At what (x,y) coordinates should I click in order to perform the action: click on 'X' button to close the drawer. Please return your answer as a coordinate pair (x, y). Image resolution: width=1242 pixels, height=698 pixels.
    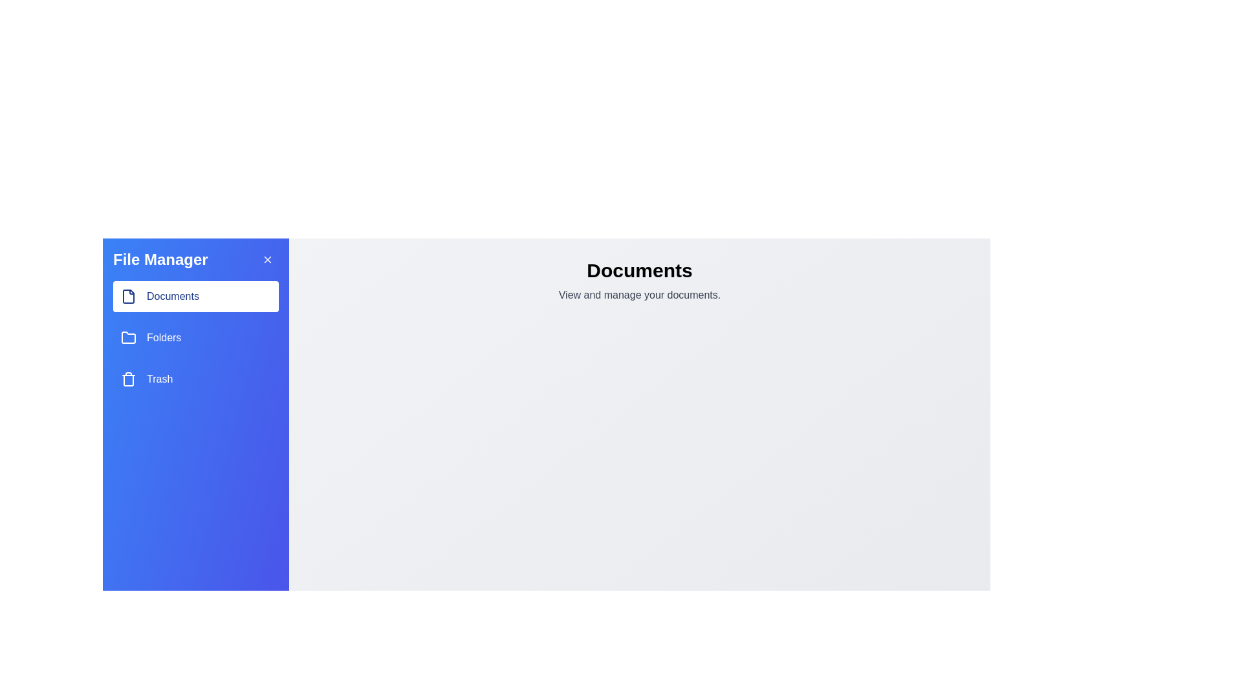
    Looking at the image, I should click on (267, 259).